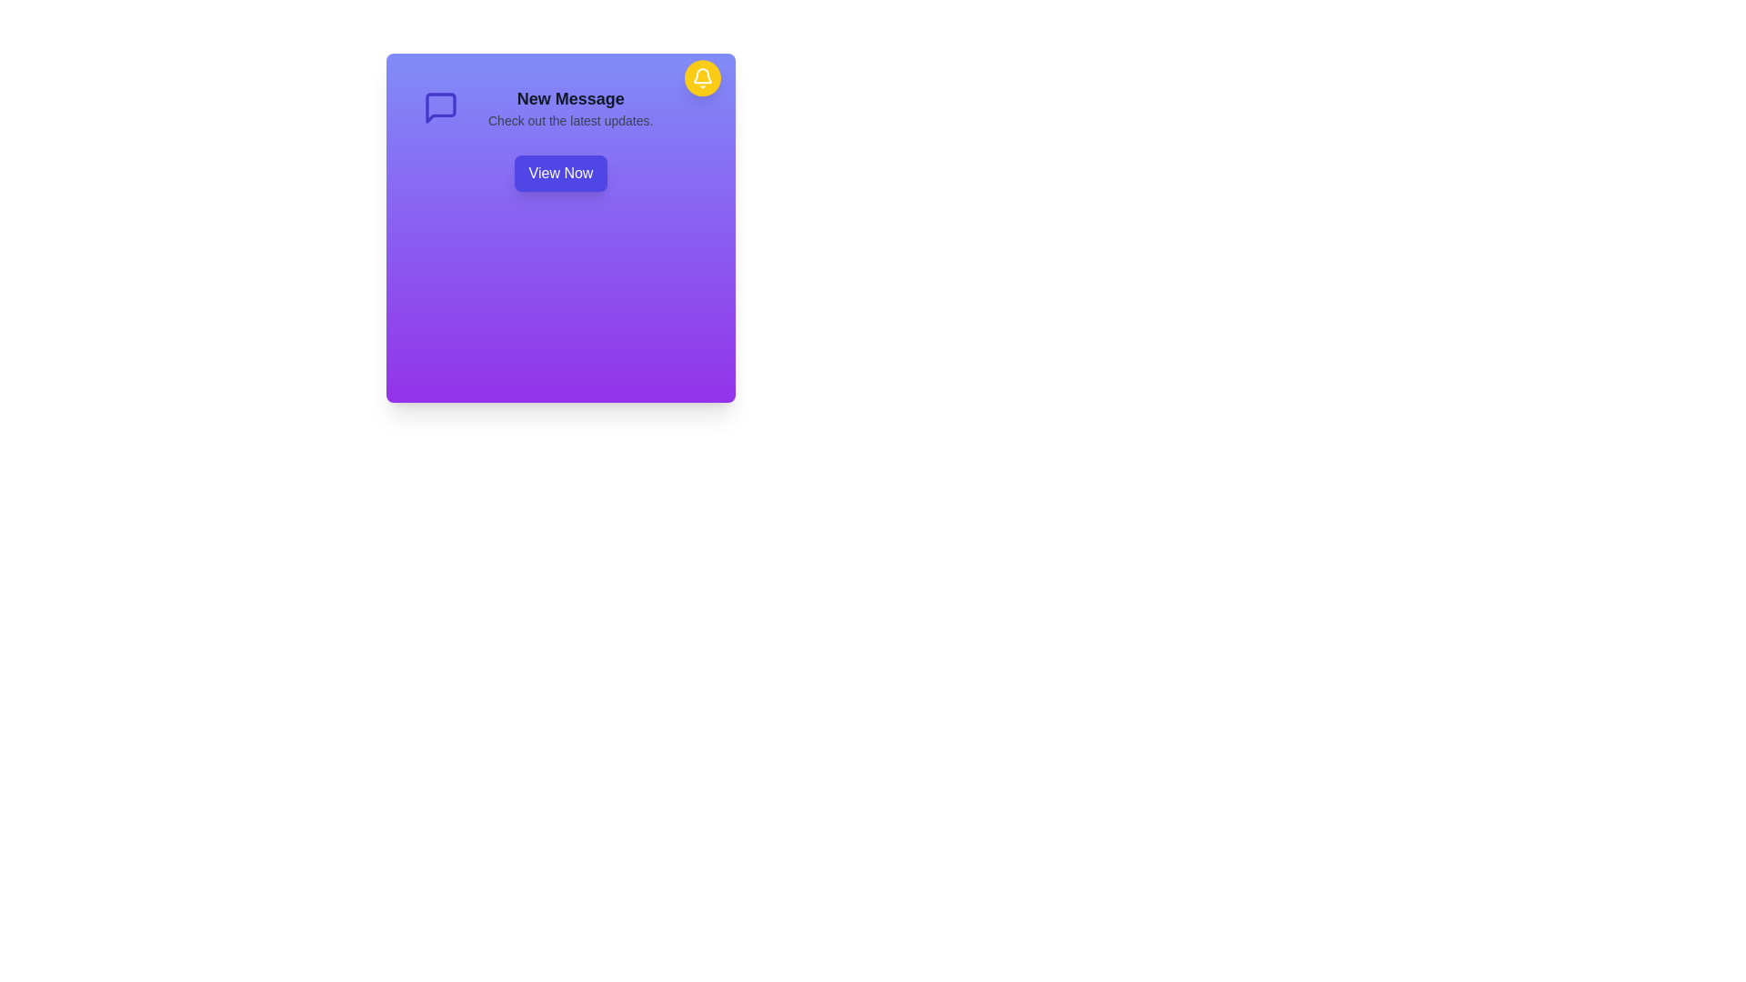  What do you see at coordinates (701, 83) in the screenshot?
I see `the circular notification button with a yellow background and white bell icon` at bounding box center [701, 83].